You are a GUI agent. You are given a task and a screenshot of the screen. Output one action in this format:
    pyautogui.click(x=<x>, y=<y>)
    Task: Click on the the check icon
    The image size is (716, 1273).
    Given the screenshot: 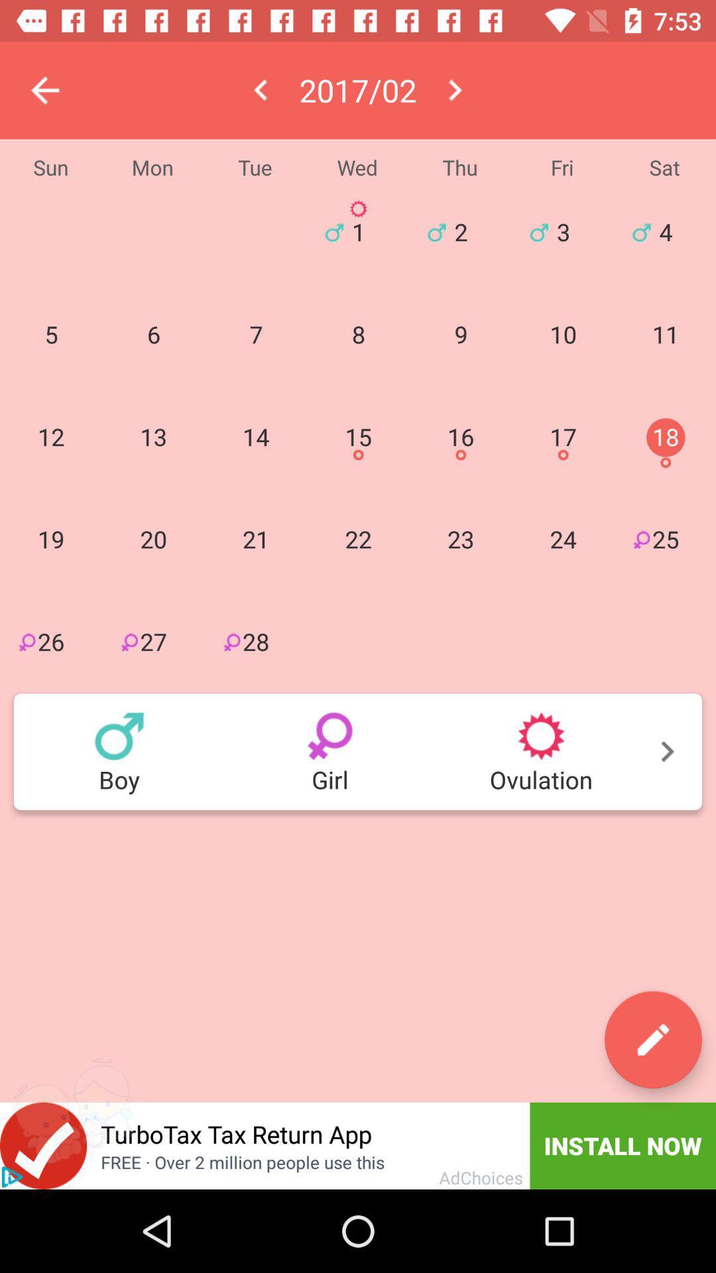 What is the action you would take?
    pyautogui.click(x=42, y=1145)
    